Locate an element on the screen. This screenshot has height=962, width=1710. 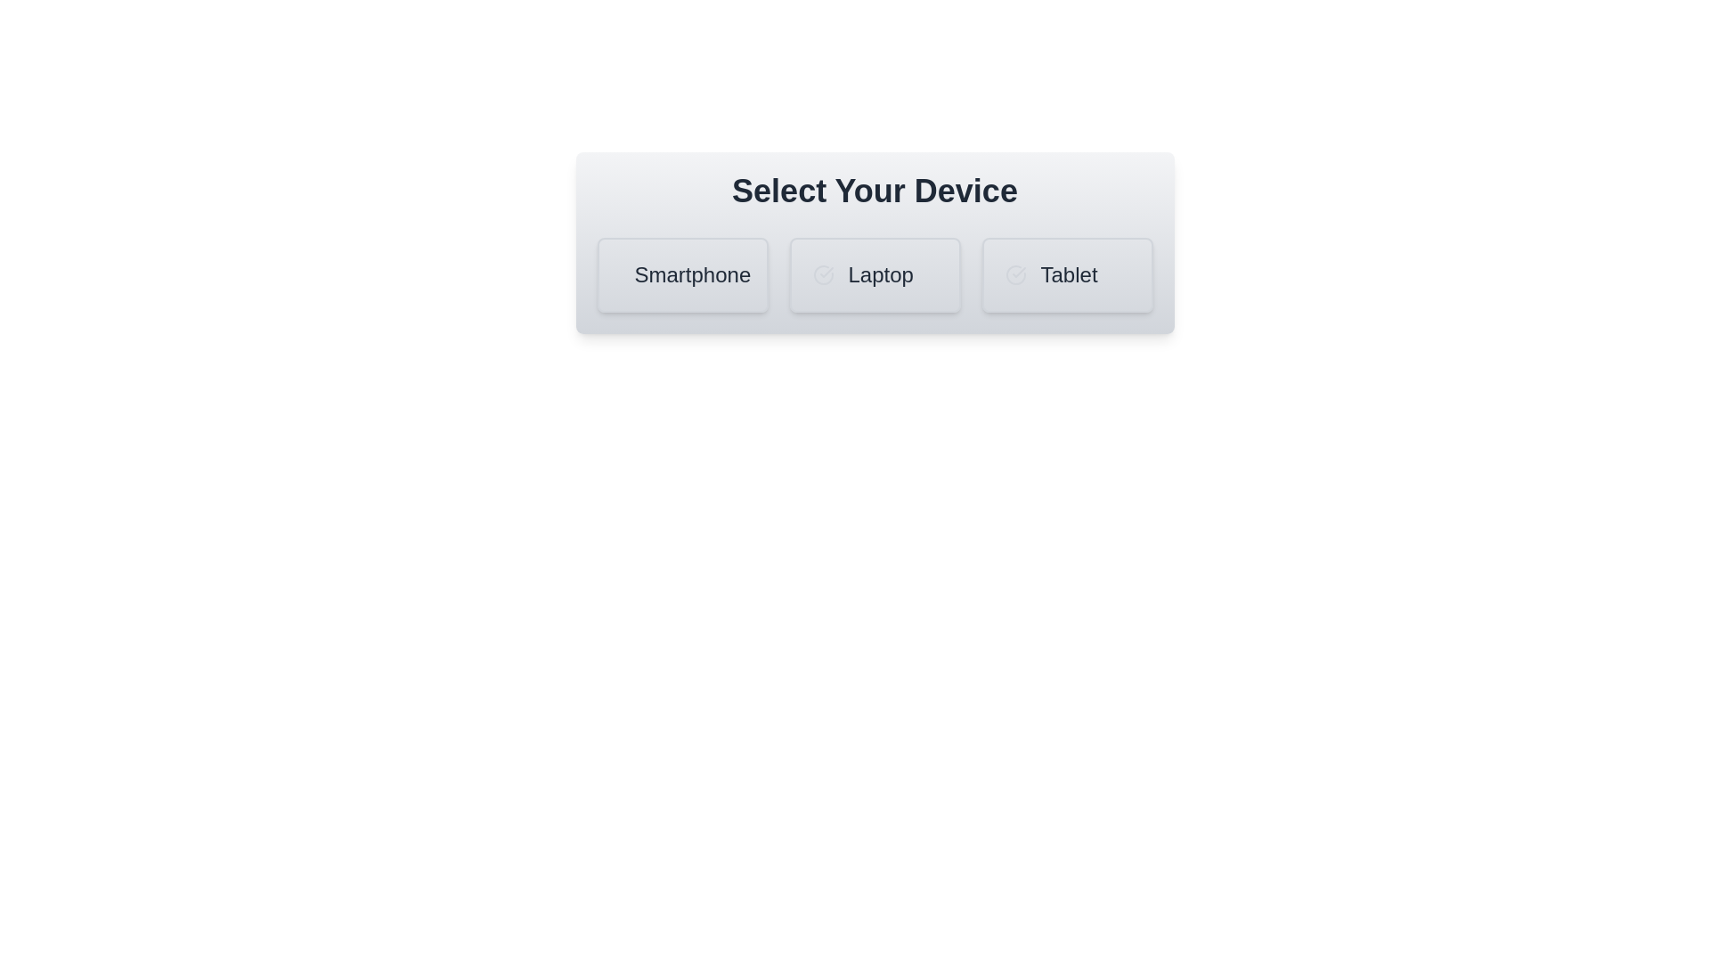
the interactive circle element that indicates the status of the 'Laptop' button, which is part of the device selection interface is located at coordinates (822, 274).